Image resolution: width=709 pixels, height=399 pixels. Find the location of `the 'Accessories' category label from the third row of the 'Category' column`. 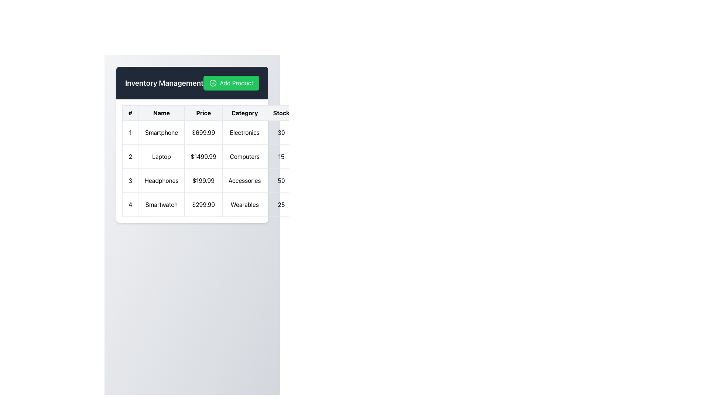

the 'Accessories' category label from the third row of the 'Category' column is located at coordinates (244, 181).